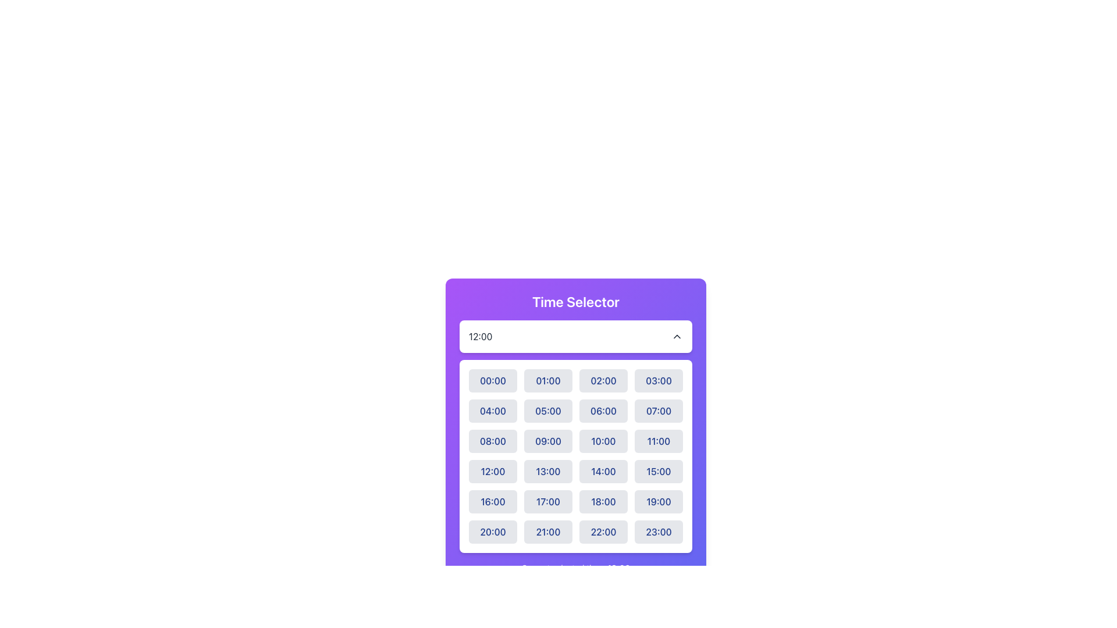 The height and width of the screenshot is (628, 1117). I want to click on the interactive button displaying '17:00' in bold, dark blue font, so click(547, 501).